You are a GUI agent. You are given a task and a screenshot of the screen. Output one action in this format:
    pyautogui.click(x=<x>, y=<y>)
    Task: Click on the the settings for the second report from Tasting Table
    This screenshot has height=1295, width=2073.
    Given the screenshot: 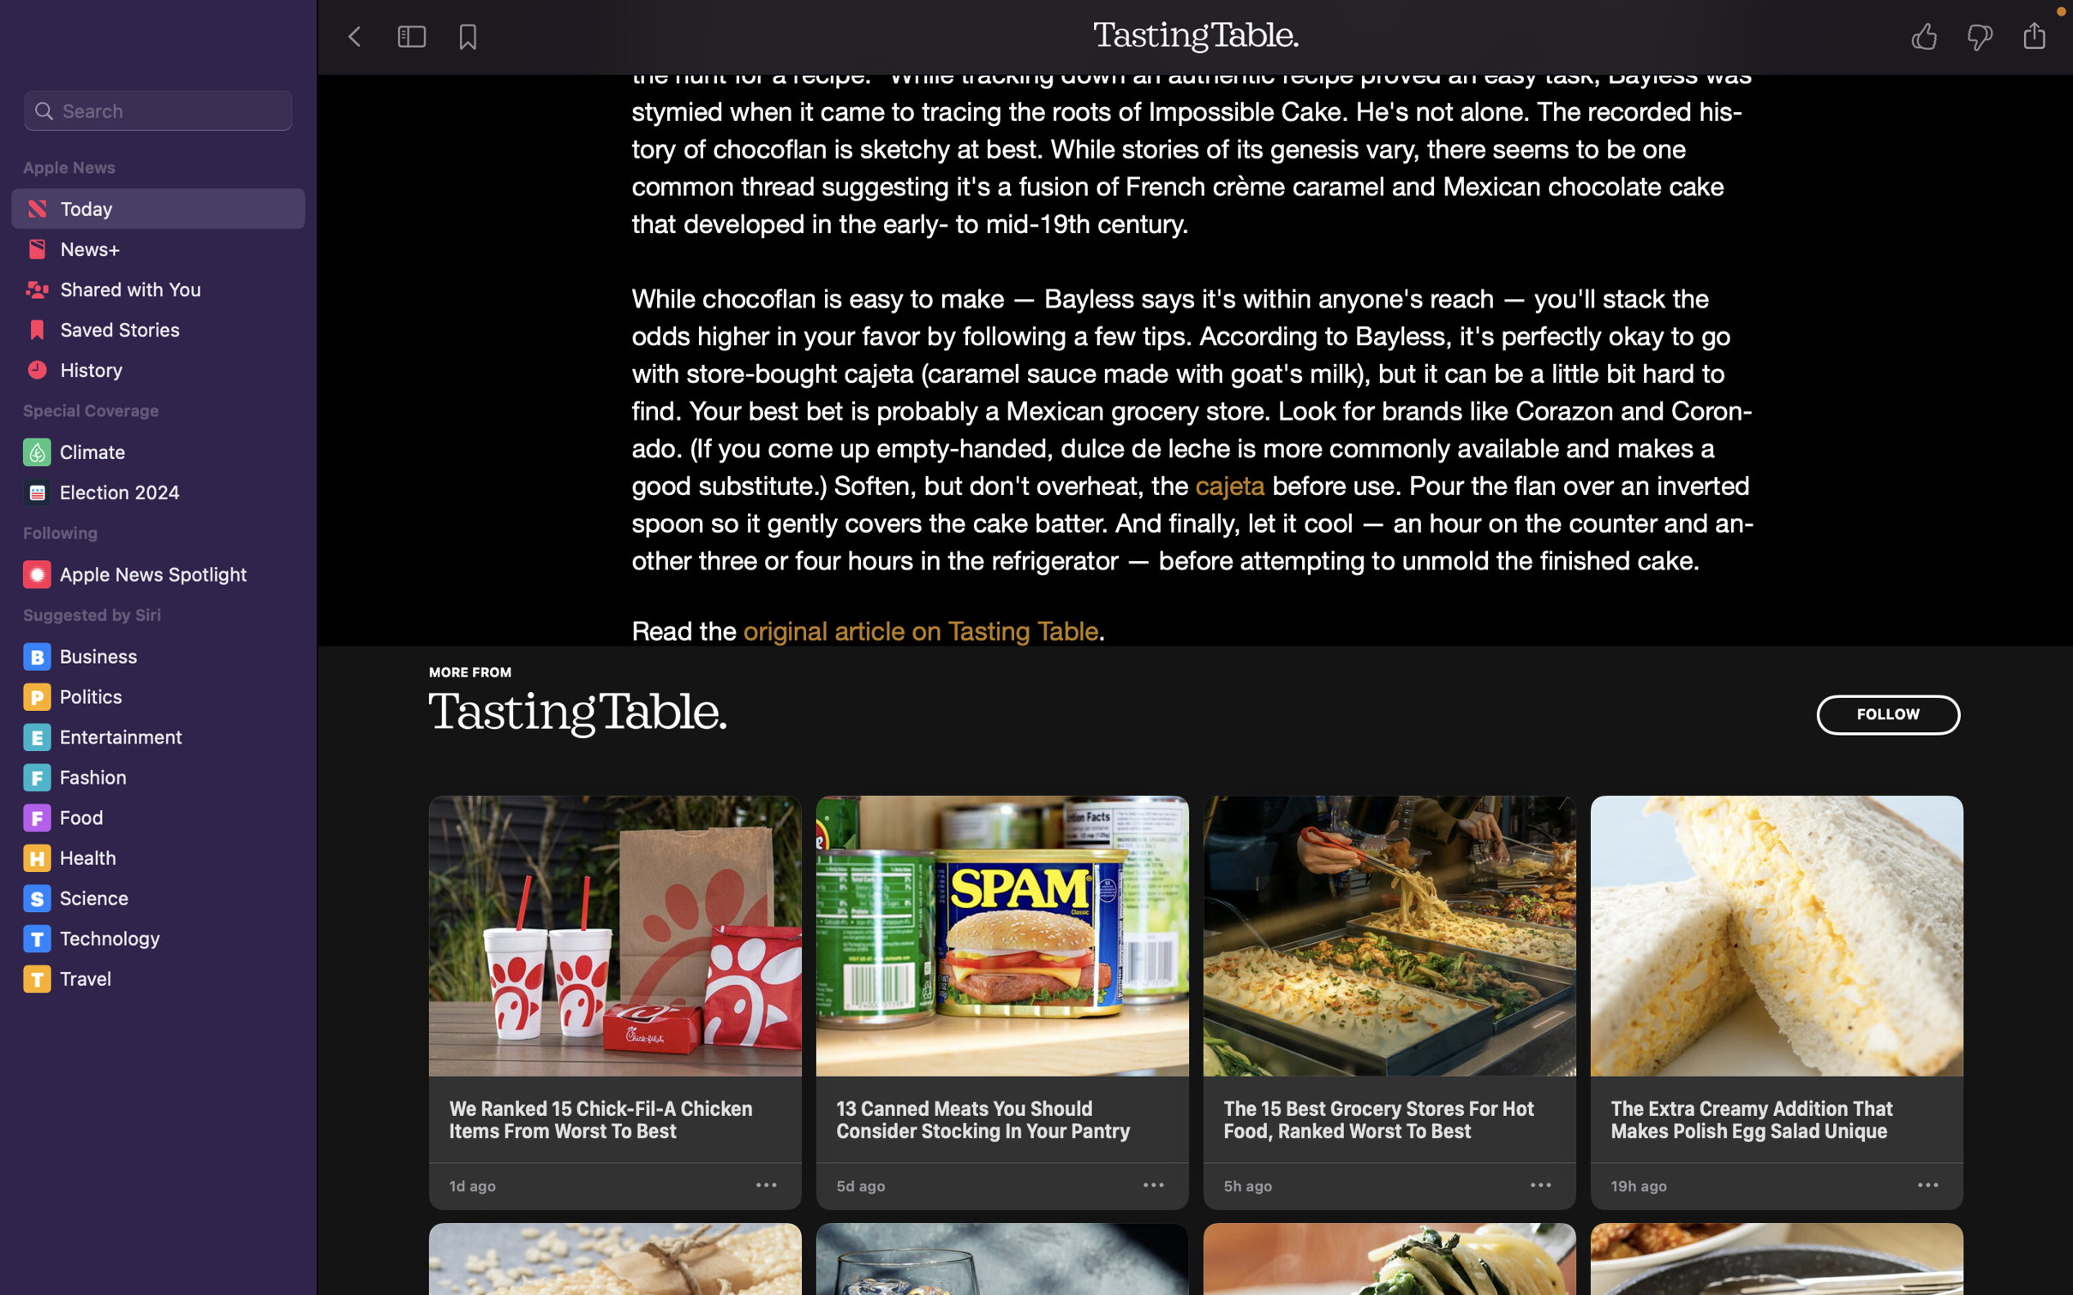 What is the action you would take?
    pyautogui.click(x=1154, y=1185)
    